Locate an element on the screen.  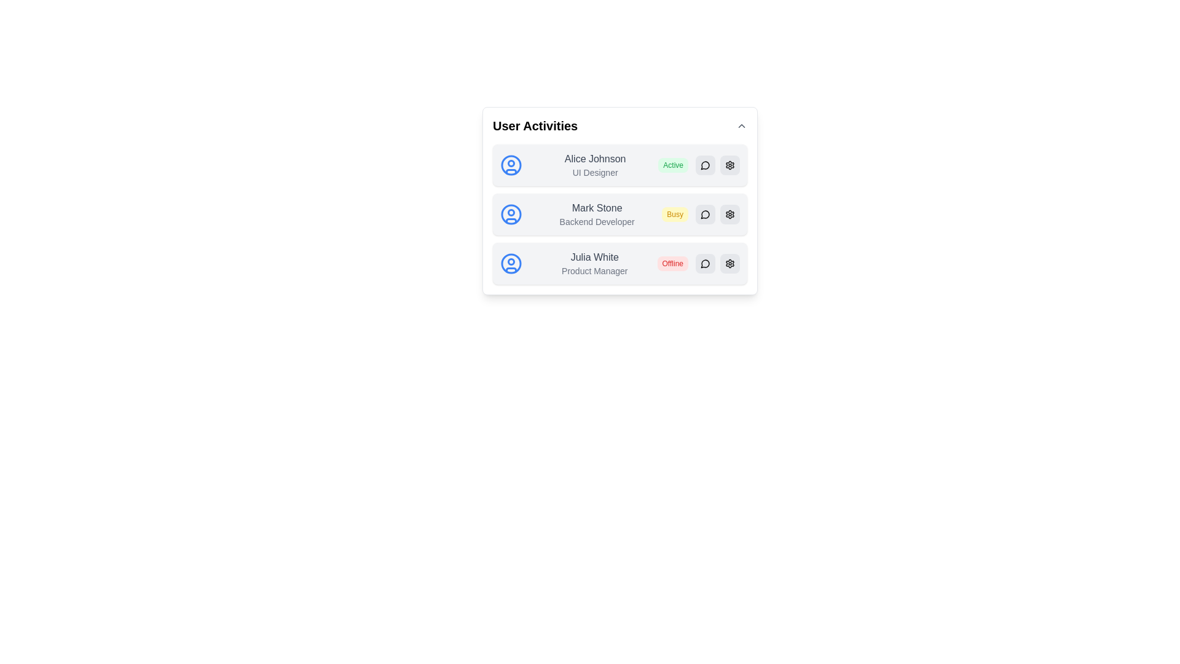
the toggle button located at the top-right corner of the 'User Activities' section is located at coordinates (741, 125).